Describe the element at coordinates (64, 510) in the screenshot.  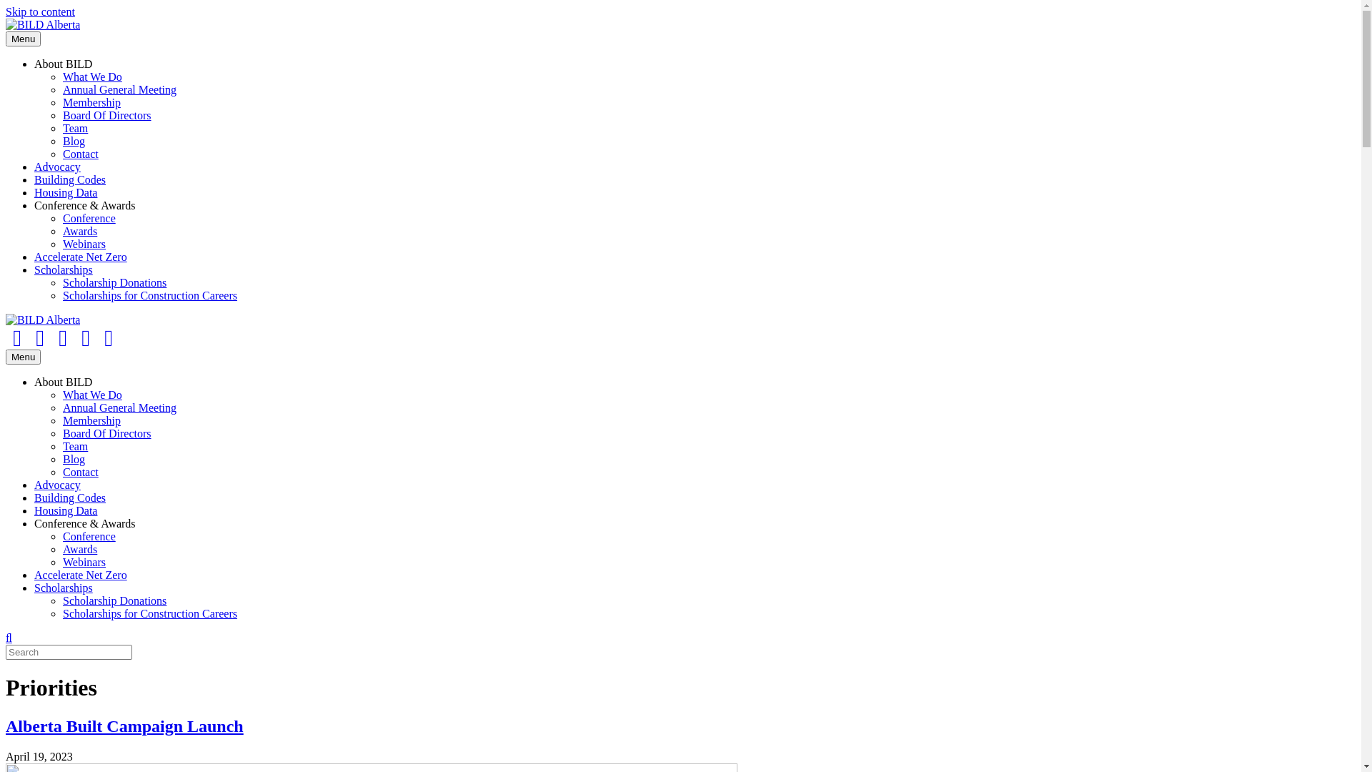
I see `'Housing Data'` at that location.